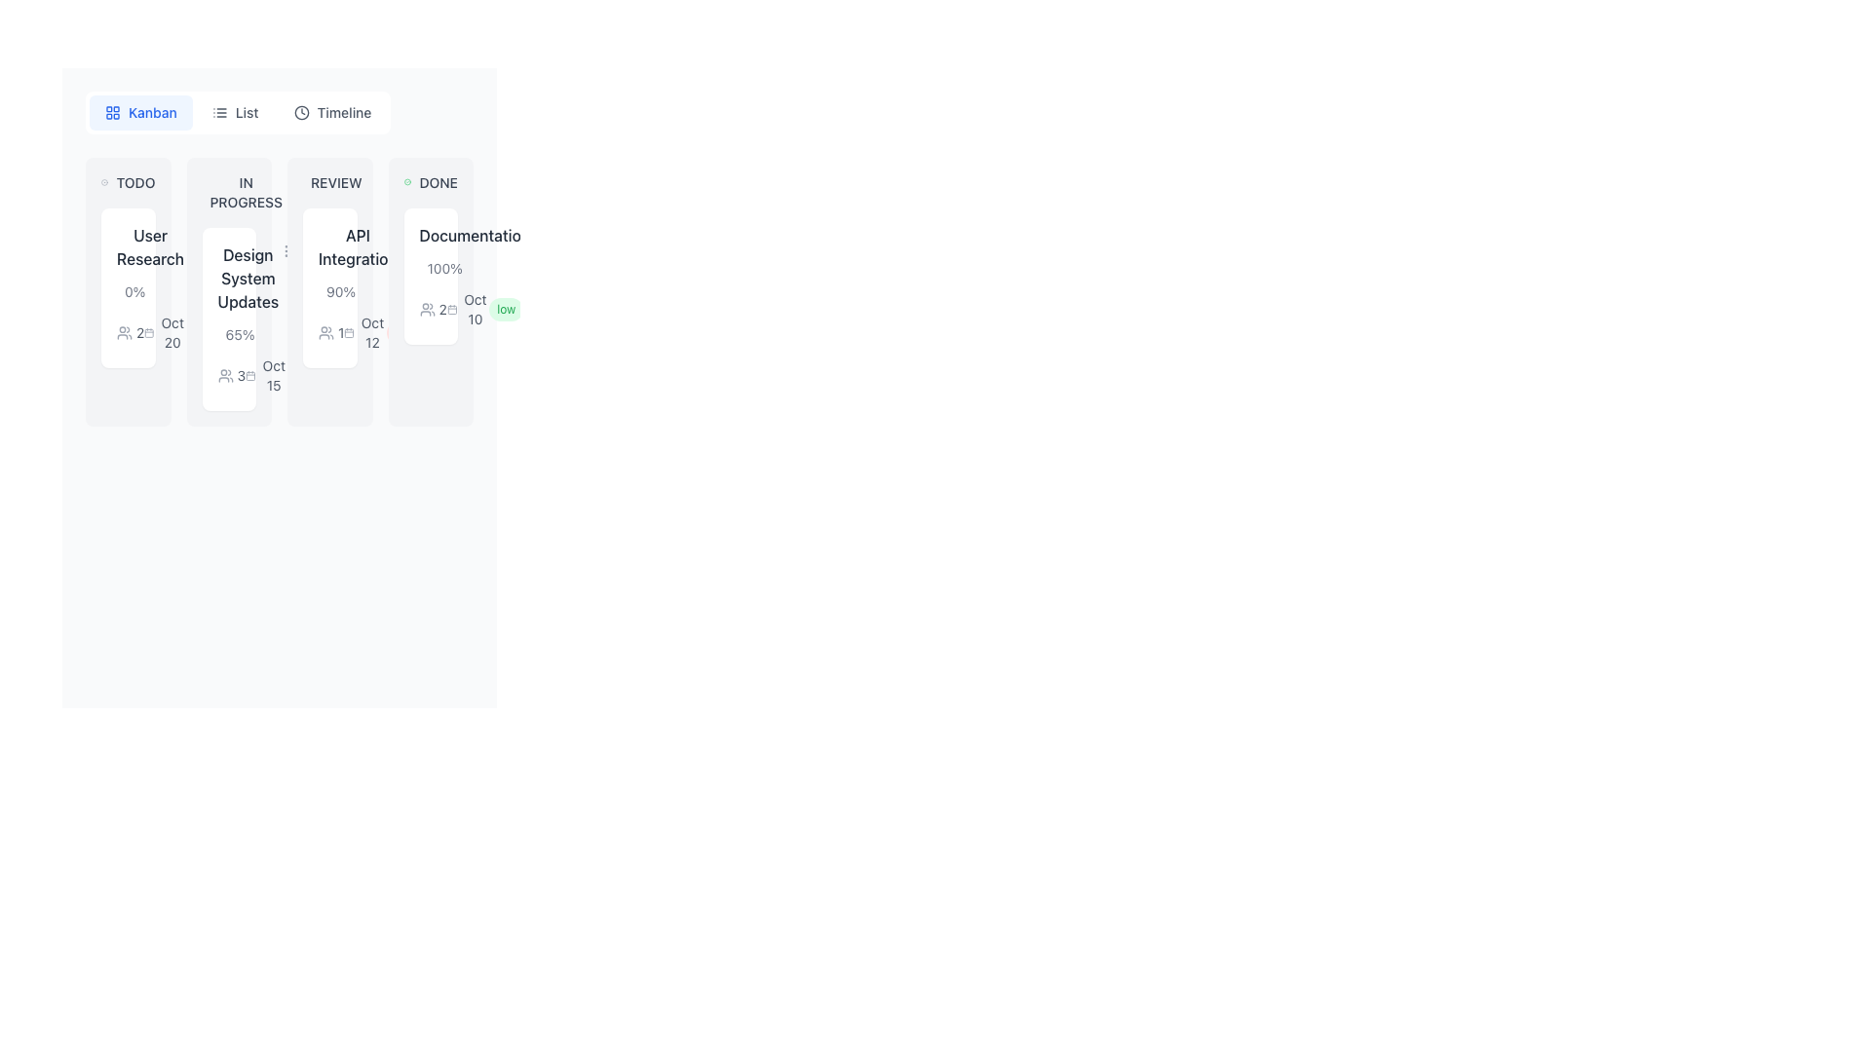 This screenshot has height=1052, width=1871. Describe the element at coordinates (331, 332) in the screenshot. I see `numeric indicator '1' associated with the user silhouette icon located in the 'API Integration' card under the 'REVIEW' column in the kanban board interface` at that location.